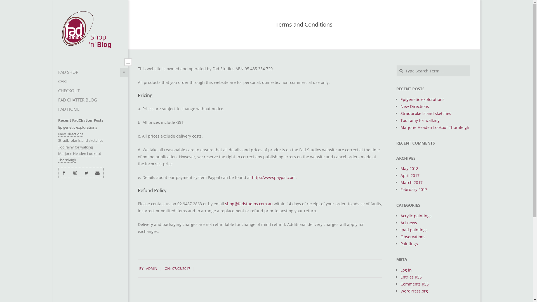 This screenshot has height=302, width=537. I want to click on 'Log in', so click(400, 270).